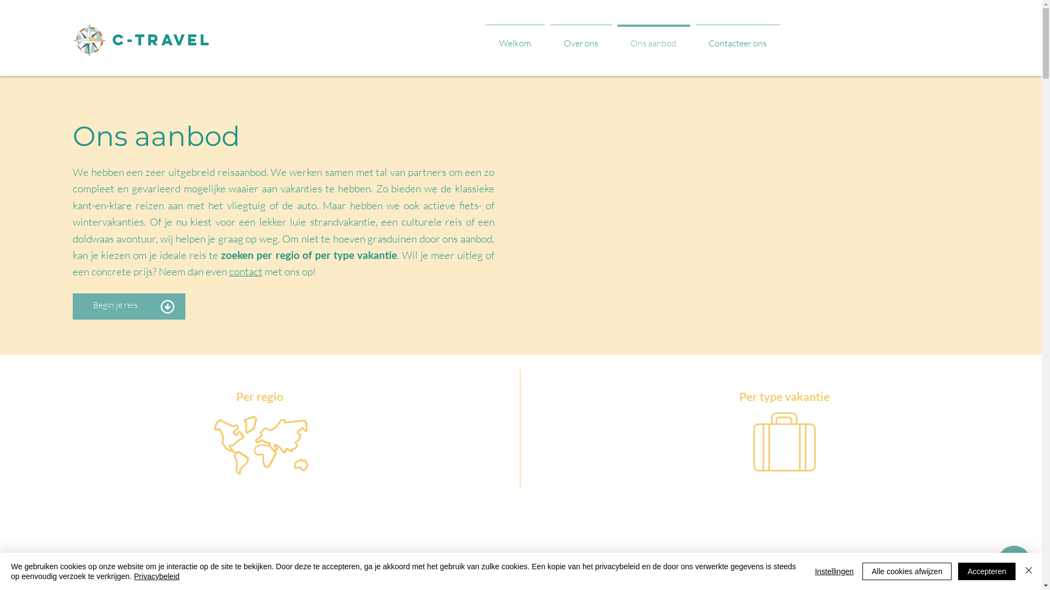 Image resolution: width=1050 pixels, height=590 pixels. What do you see at coordinates (245, 271) in the screenshot?
I see `'contact'` at bounding box center [245, 271].